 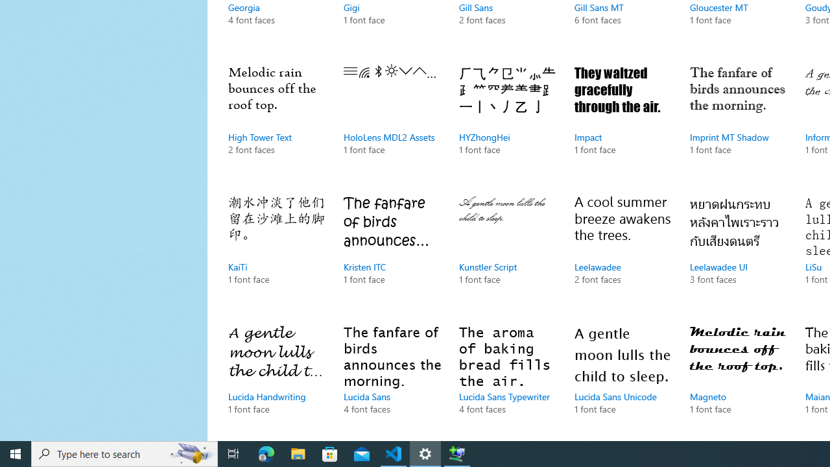 I want to click on 'Extensible Wizards Host Process - 1 running window', so click(x=457, y=453).